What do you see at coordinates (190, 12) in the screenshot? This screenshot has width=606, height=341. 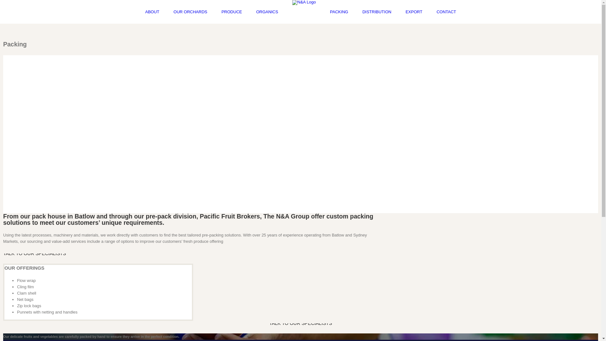 I see `'OUR ORCHARDS'` at bounding box center [190, 12].